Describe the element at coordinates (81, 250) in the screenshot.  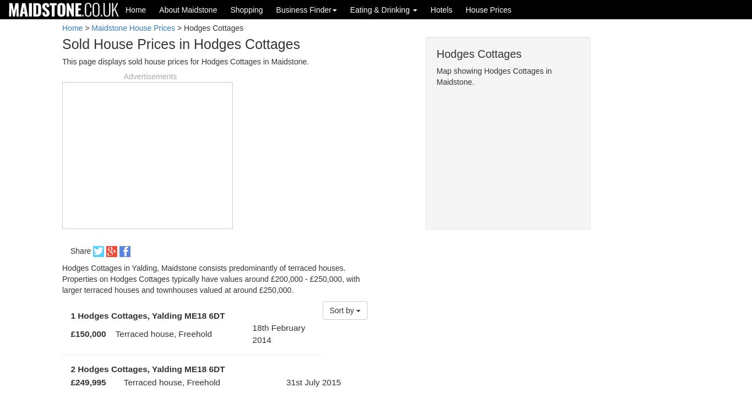
I see `'Share'` at that location.